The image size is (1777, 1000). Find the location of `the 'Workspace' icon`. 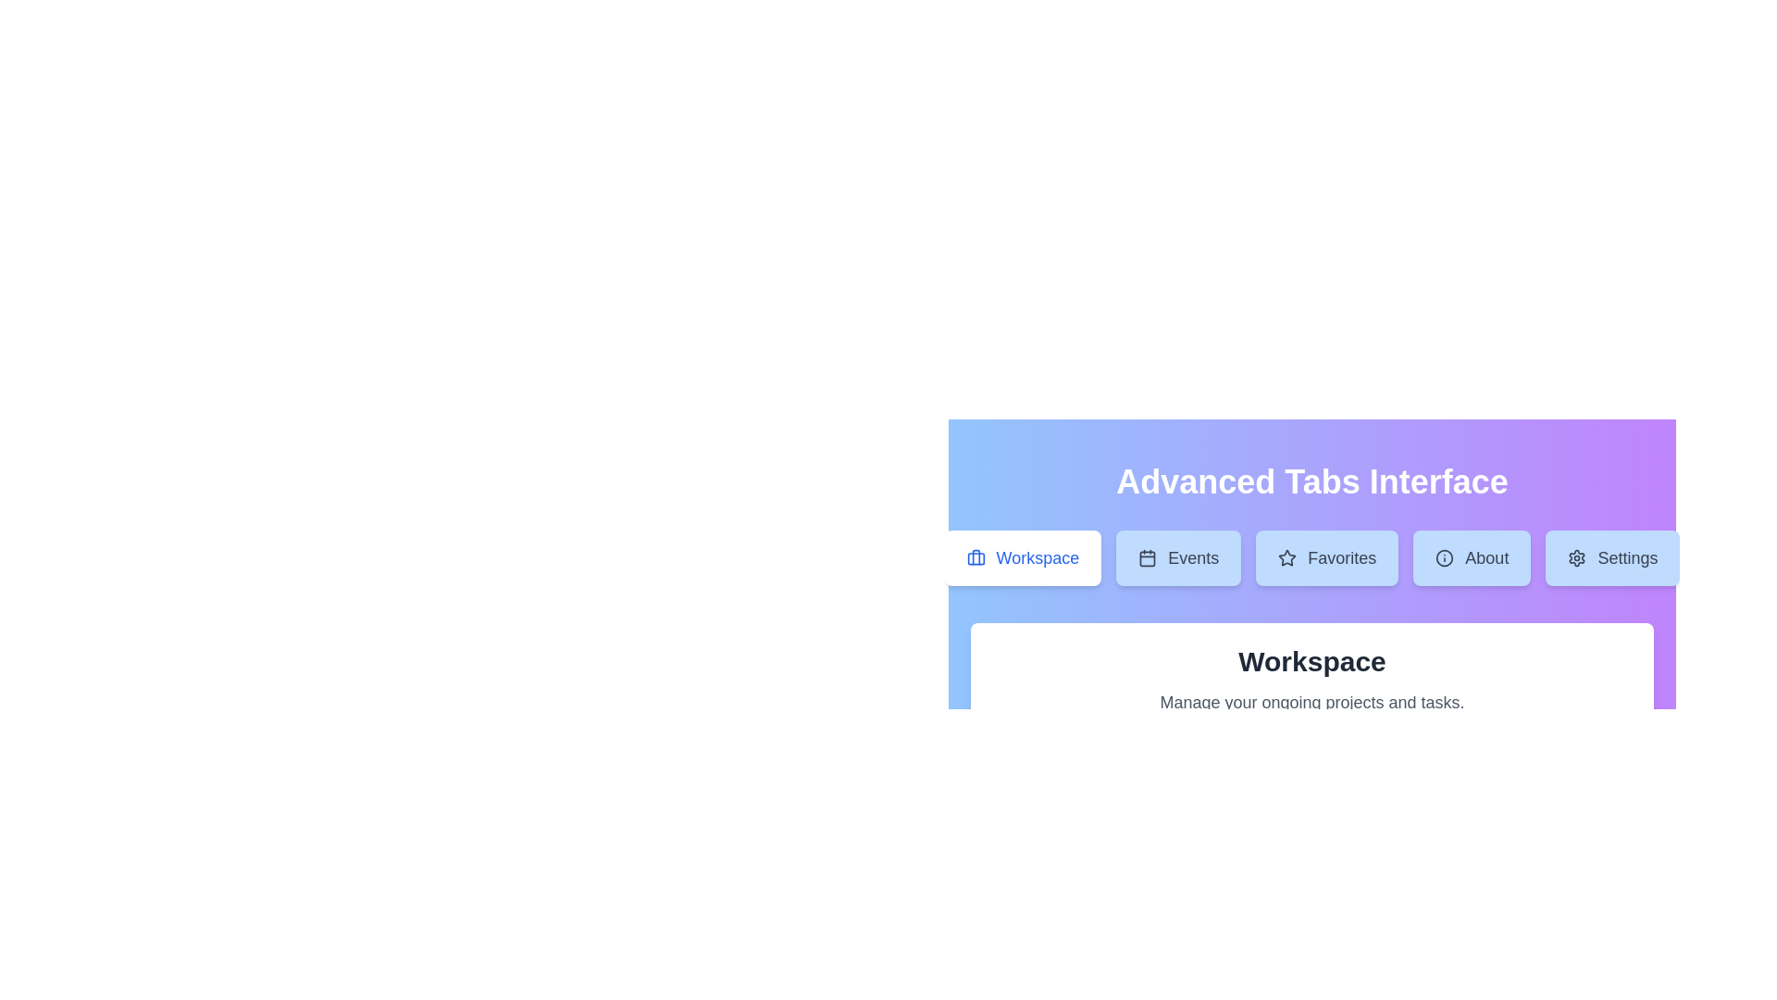

the 'Workspace' icon is located at coordinates (975, 556).